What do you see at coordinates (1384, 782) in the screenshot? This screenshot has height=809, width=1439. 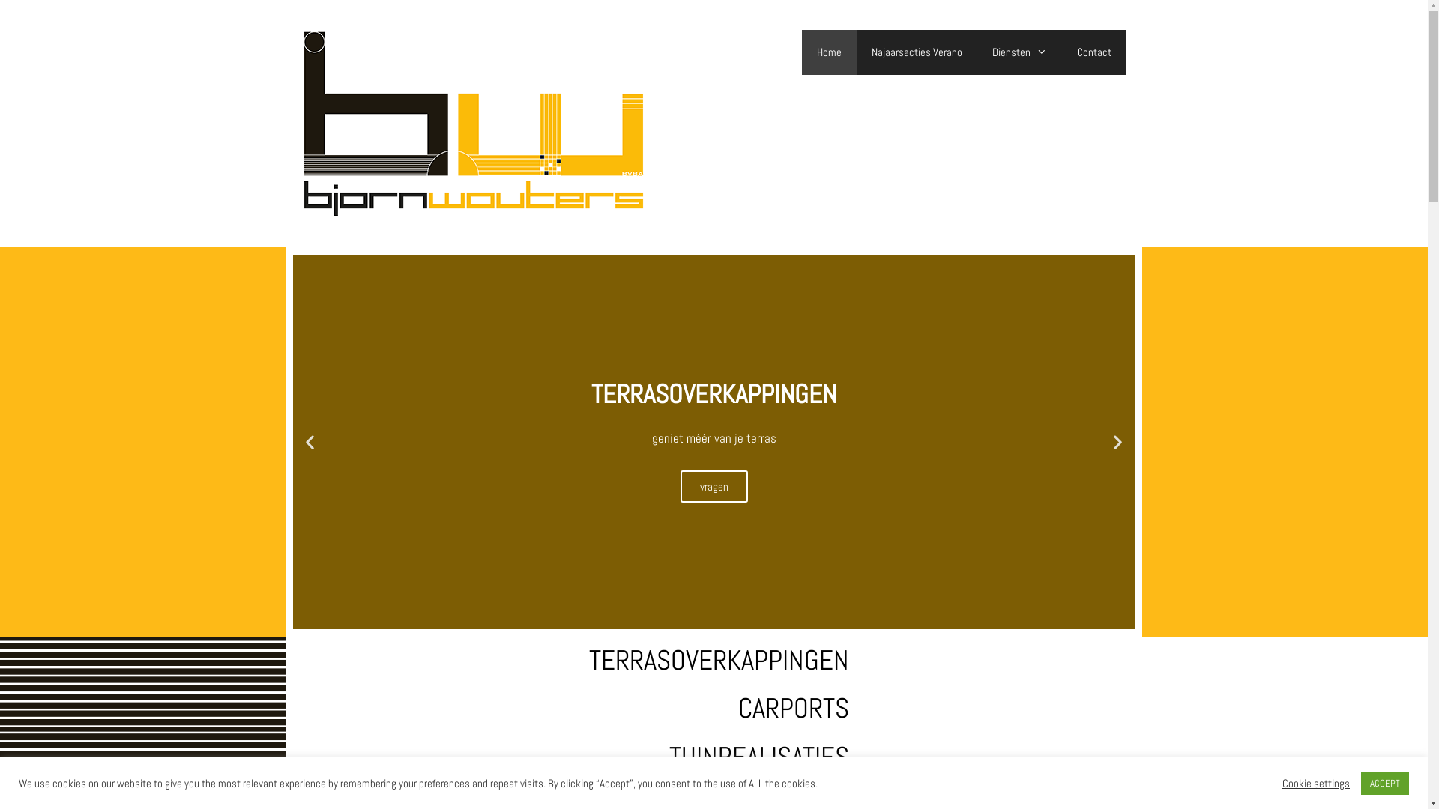 I see `'ACCEPT'` at bounding box center [1384, 782].